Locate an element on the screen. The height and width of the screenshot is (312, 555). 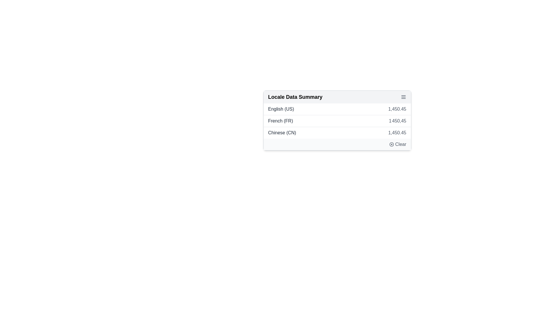
the formatted number '1,450.45' displayed in gray color, located in the second column of the top row of the table, to the right of 'English (US)' is located at coordinates (397, 109).